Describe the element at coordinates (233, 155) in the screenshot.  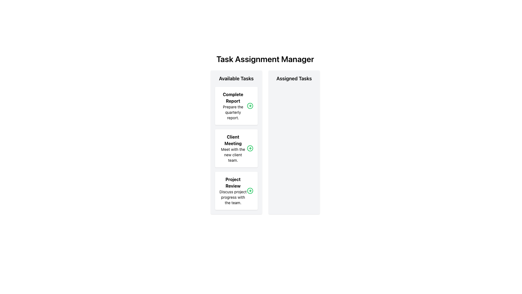
I see `the descriptive text element that provides information about the 'Client Meeting', located below the 'Client Meeting' header in the 'Available Tasks' column` at that location.